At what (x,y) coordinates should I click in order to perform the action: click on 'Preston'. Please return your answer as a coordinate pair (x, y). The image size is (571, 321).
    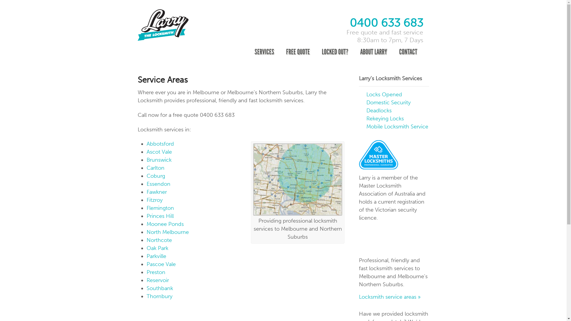
    Looking at the image, I should click on (146, 272).